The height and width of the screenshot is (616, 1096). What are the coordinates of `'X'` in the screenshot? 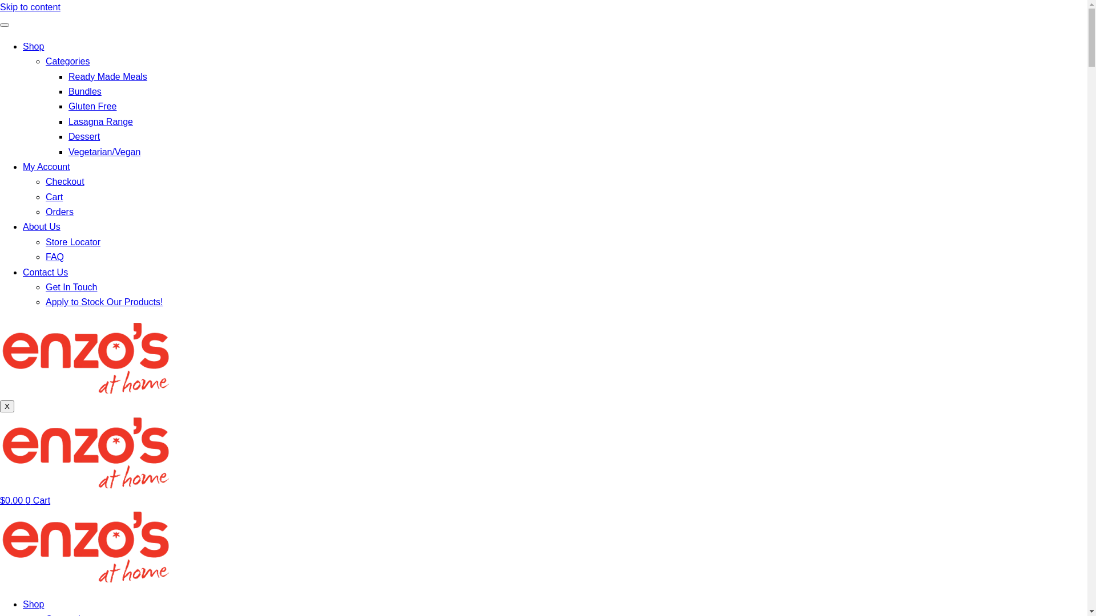 It's located at (7, 406).